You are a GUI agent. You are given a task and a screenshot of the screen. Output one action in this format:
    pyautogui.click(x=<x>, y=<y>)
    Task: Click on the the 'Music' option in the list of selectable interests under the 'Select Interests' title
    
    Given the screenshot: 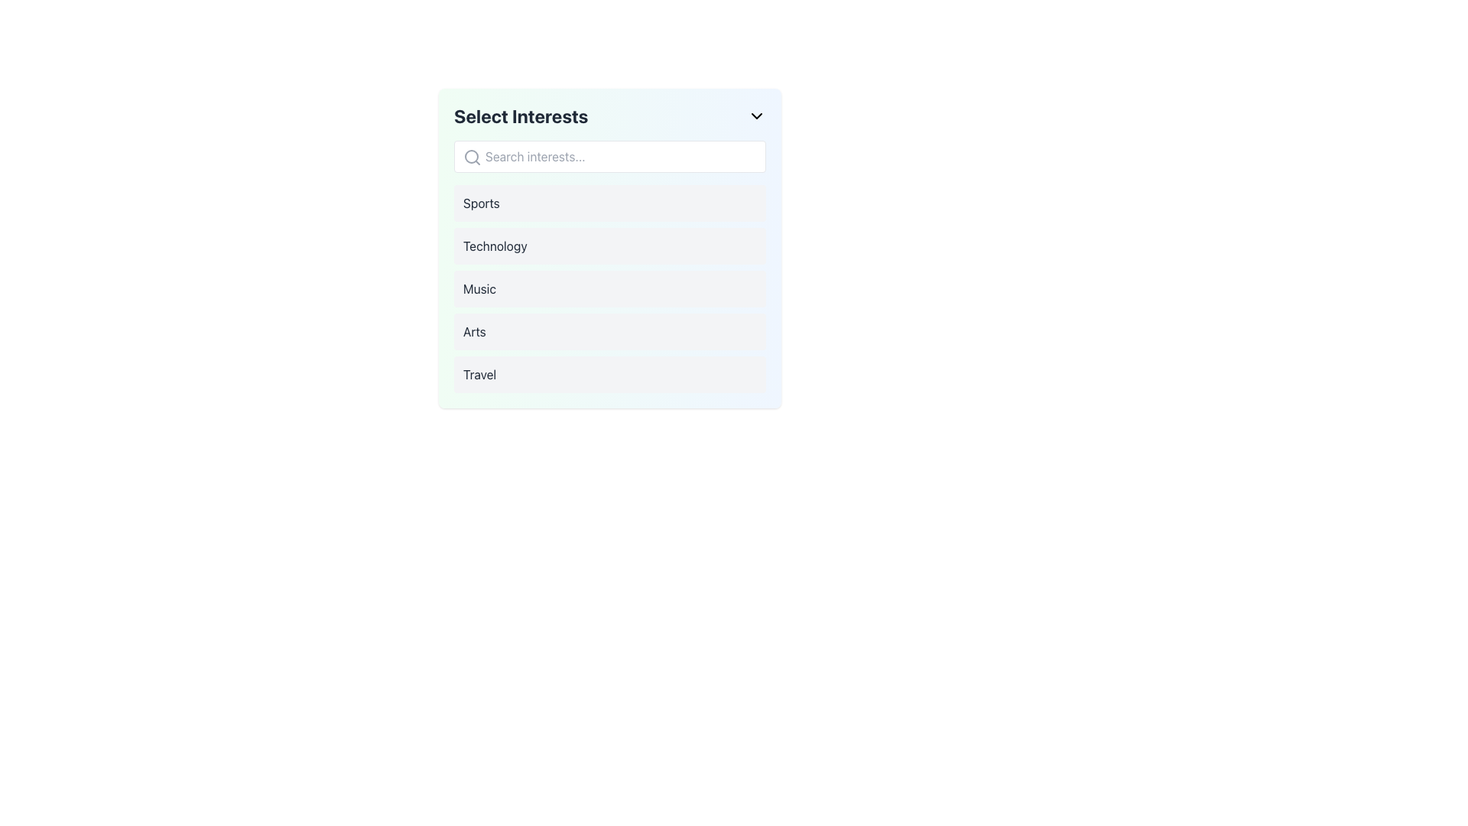 What is the action you would take?
    pyautogui.click(x=609, y=289)
    